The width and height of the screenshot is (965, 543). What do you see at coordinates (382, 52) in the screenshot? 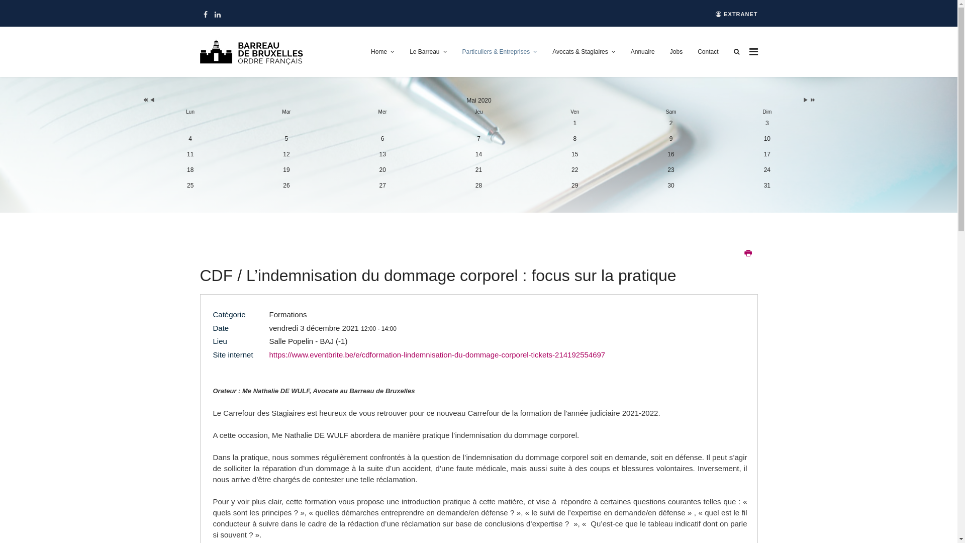
I see `'Home'` at bounding box center [382, 52].